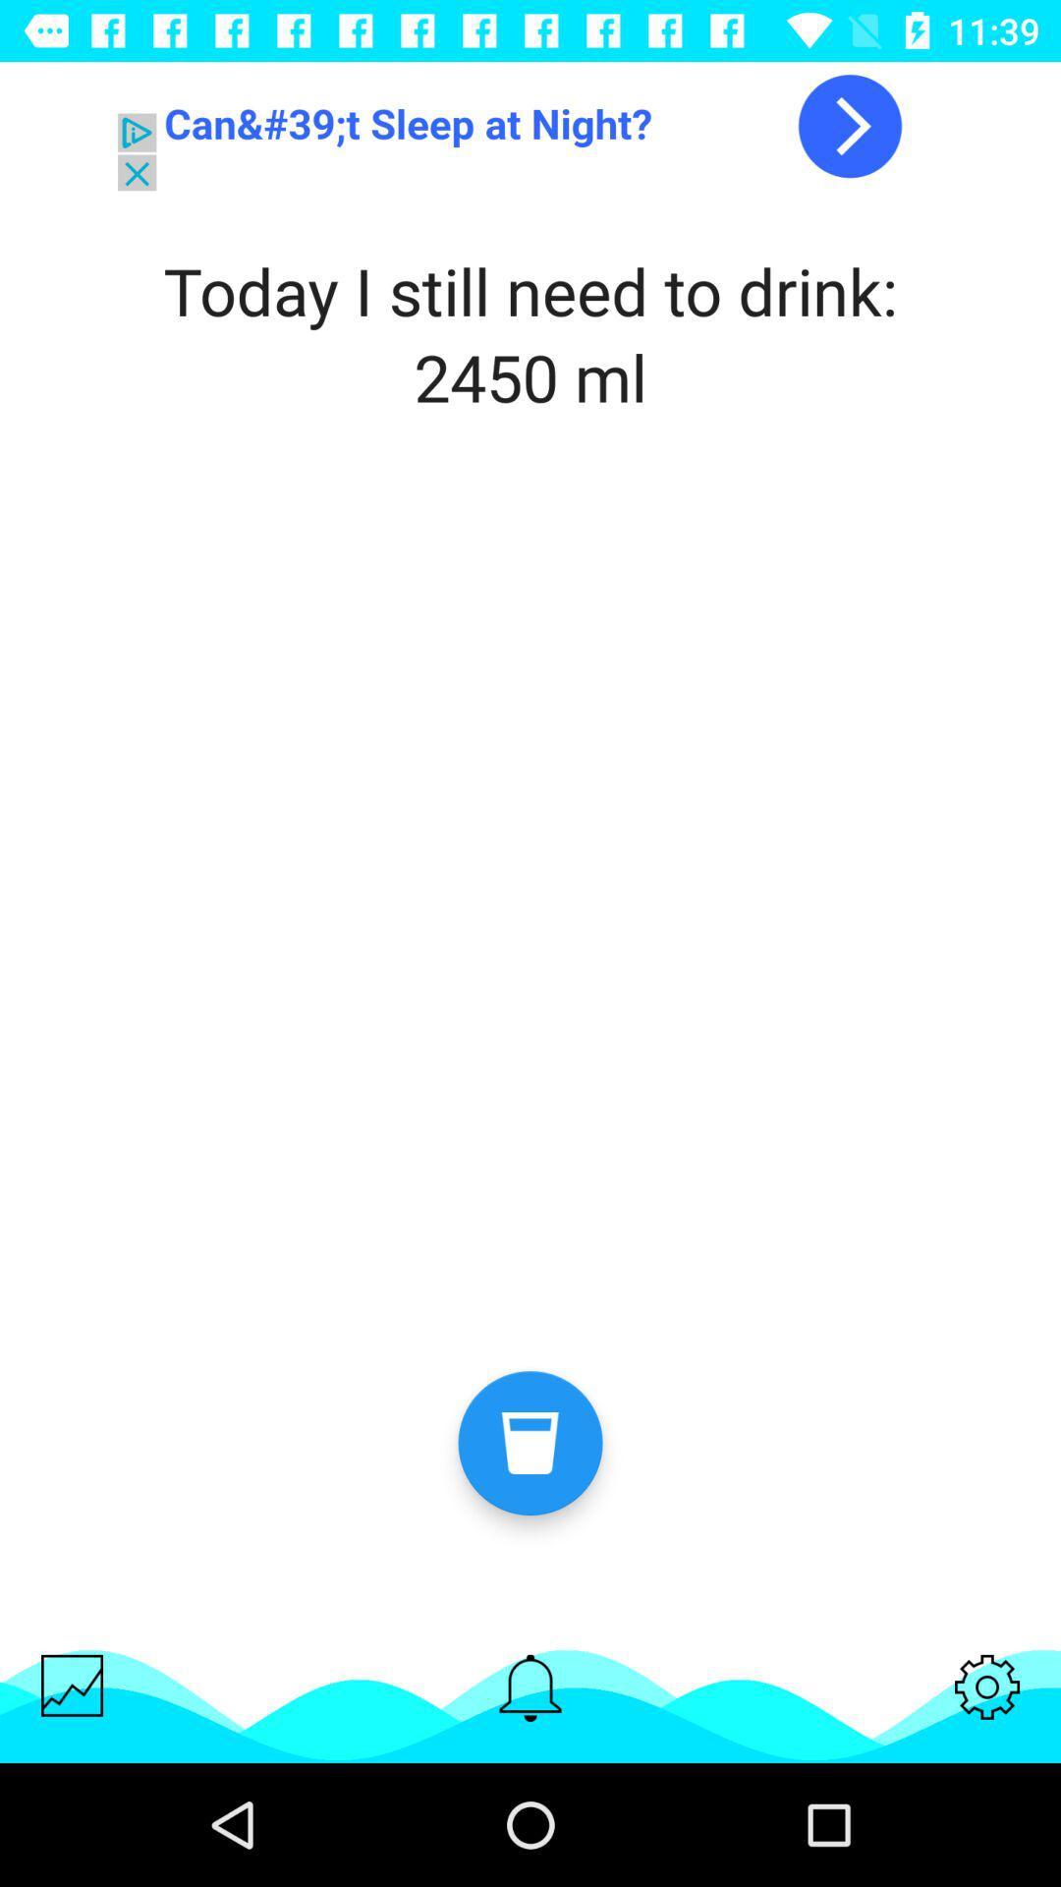  Describe the element at coordinates (987, 1686) in the screenshot. I see `the settings icon` at that location.